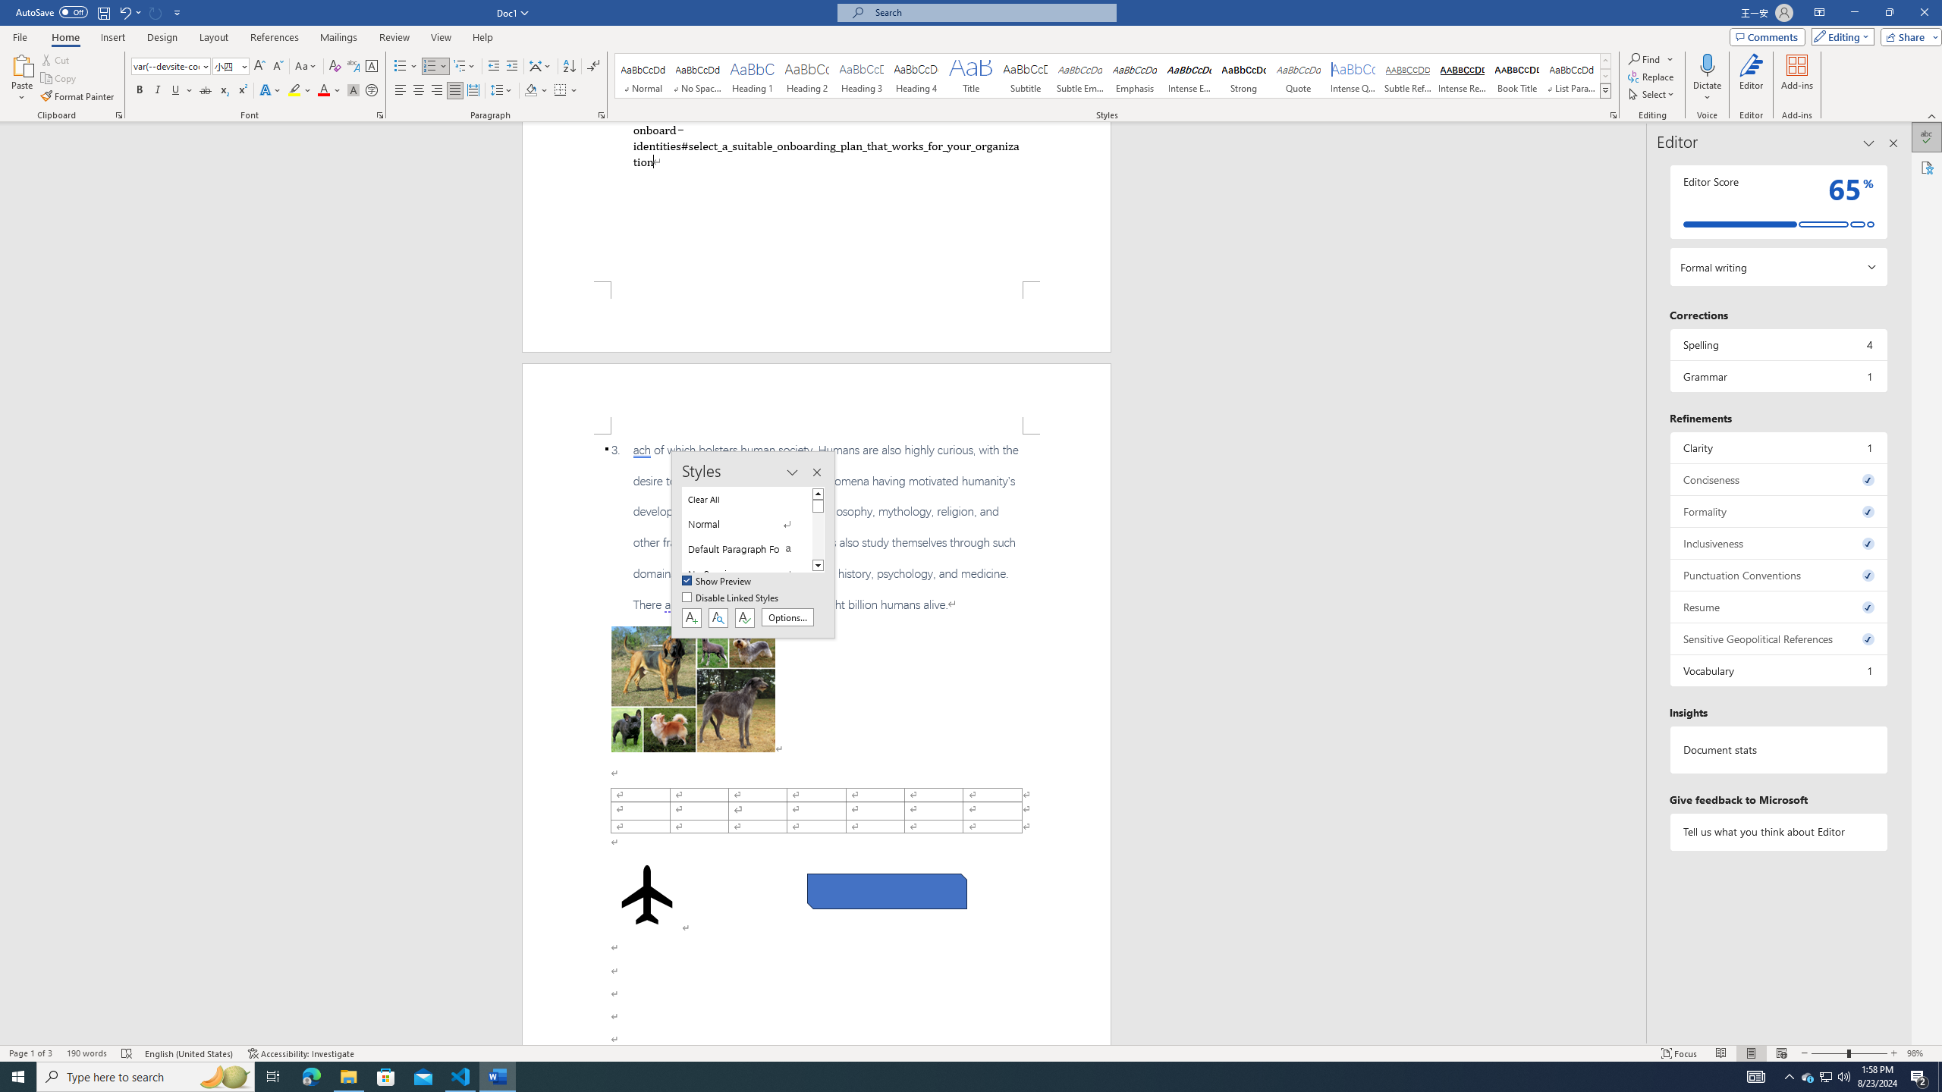 This screenshot has width=1942, height=1092. I want to click on 'Emphasis', so click(1134, 75).